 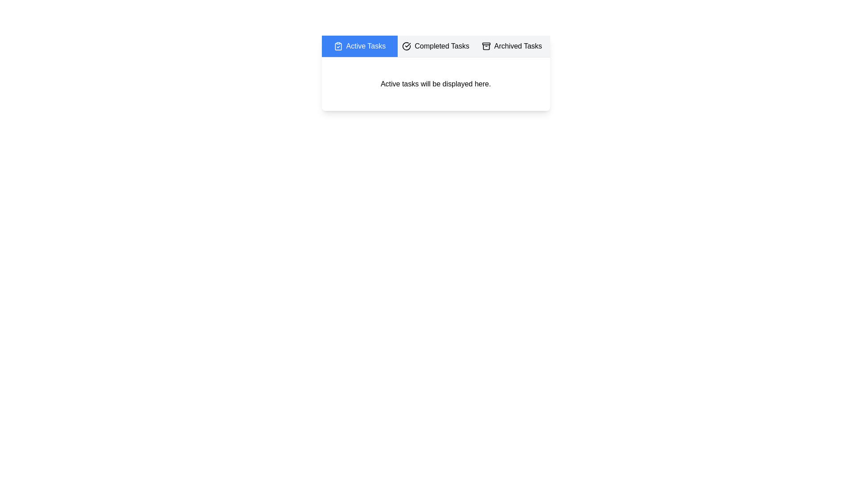 I want to click on the Active Tasks tab by clicking on it, so click(x=359, y=46).